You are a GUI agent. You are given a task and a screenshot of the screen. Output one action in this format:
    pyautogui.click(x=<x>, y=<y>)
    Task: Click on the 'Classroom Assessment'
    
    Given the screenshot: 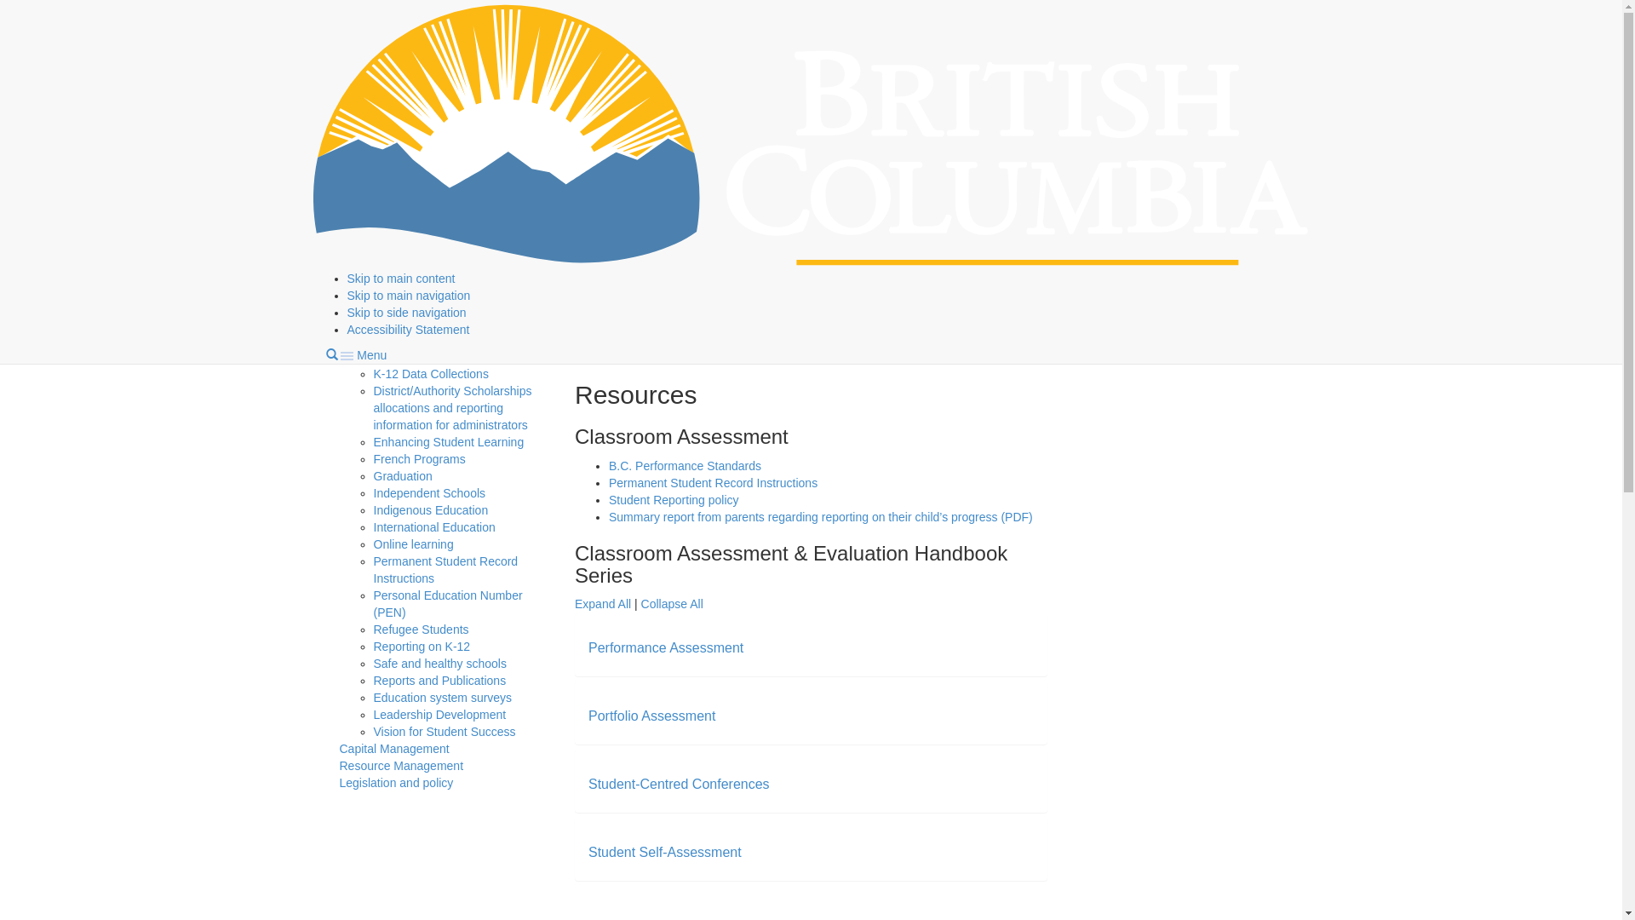 What is the action you would take?
    pyautogui.click(x=469, y=151)
    